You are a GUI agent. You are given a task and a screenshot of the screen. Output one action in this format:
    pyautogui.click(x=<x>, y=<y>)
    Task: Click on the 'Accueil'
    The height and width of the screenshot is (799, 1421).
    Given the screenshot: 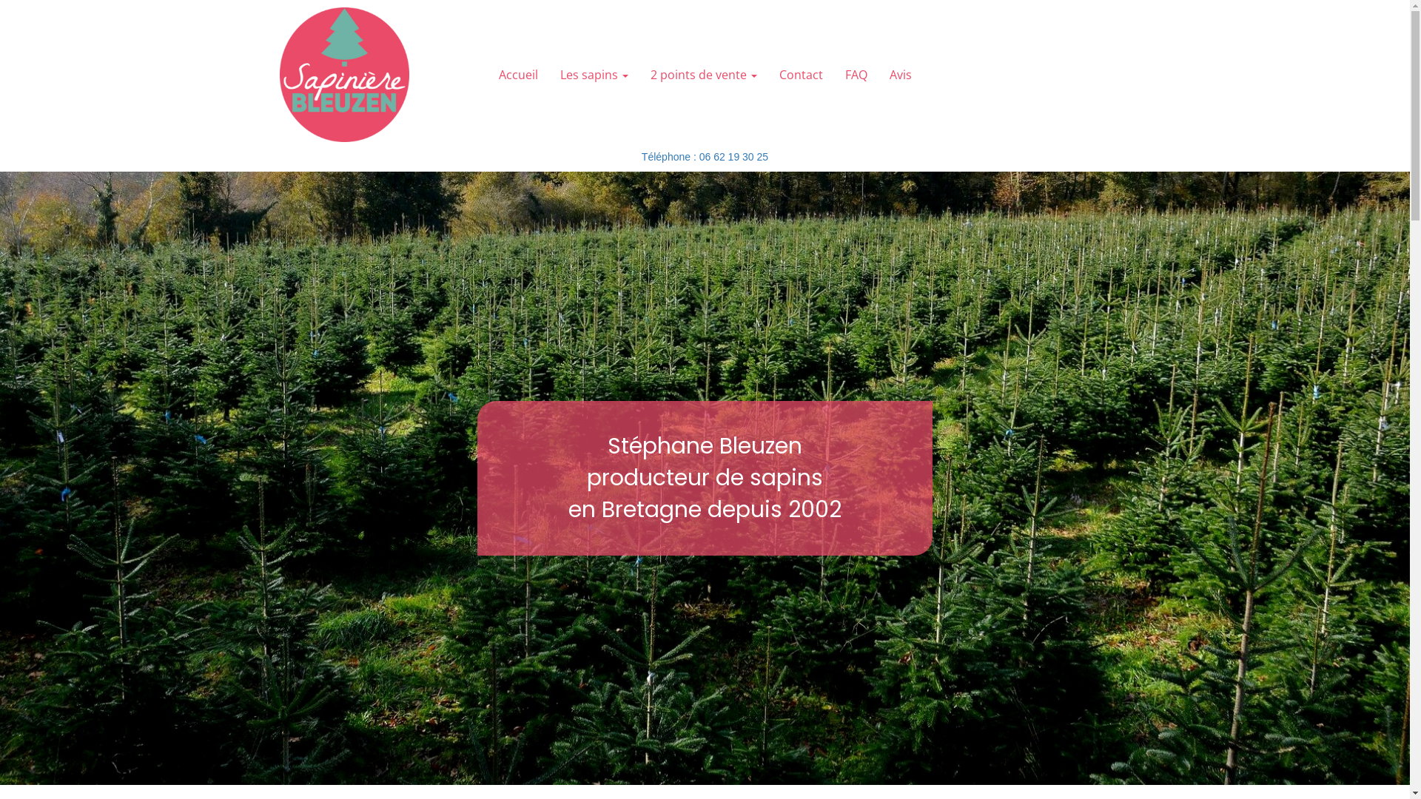 What is the action you would take?
    pyautogui.click(x=486, y=75)
    